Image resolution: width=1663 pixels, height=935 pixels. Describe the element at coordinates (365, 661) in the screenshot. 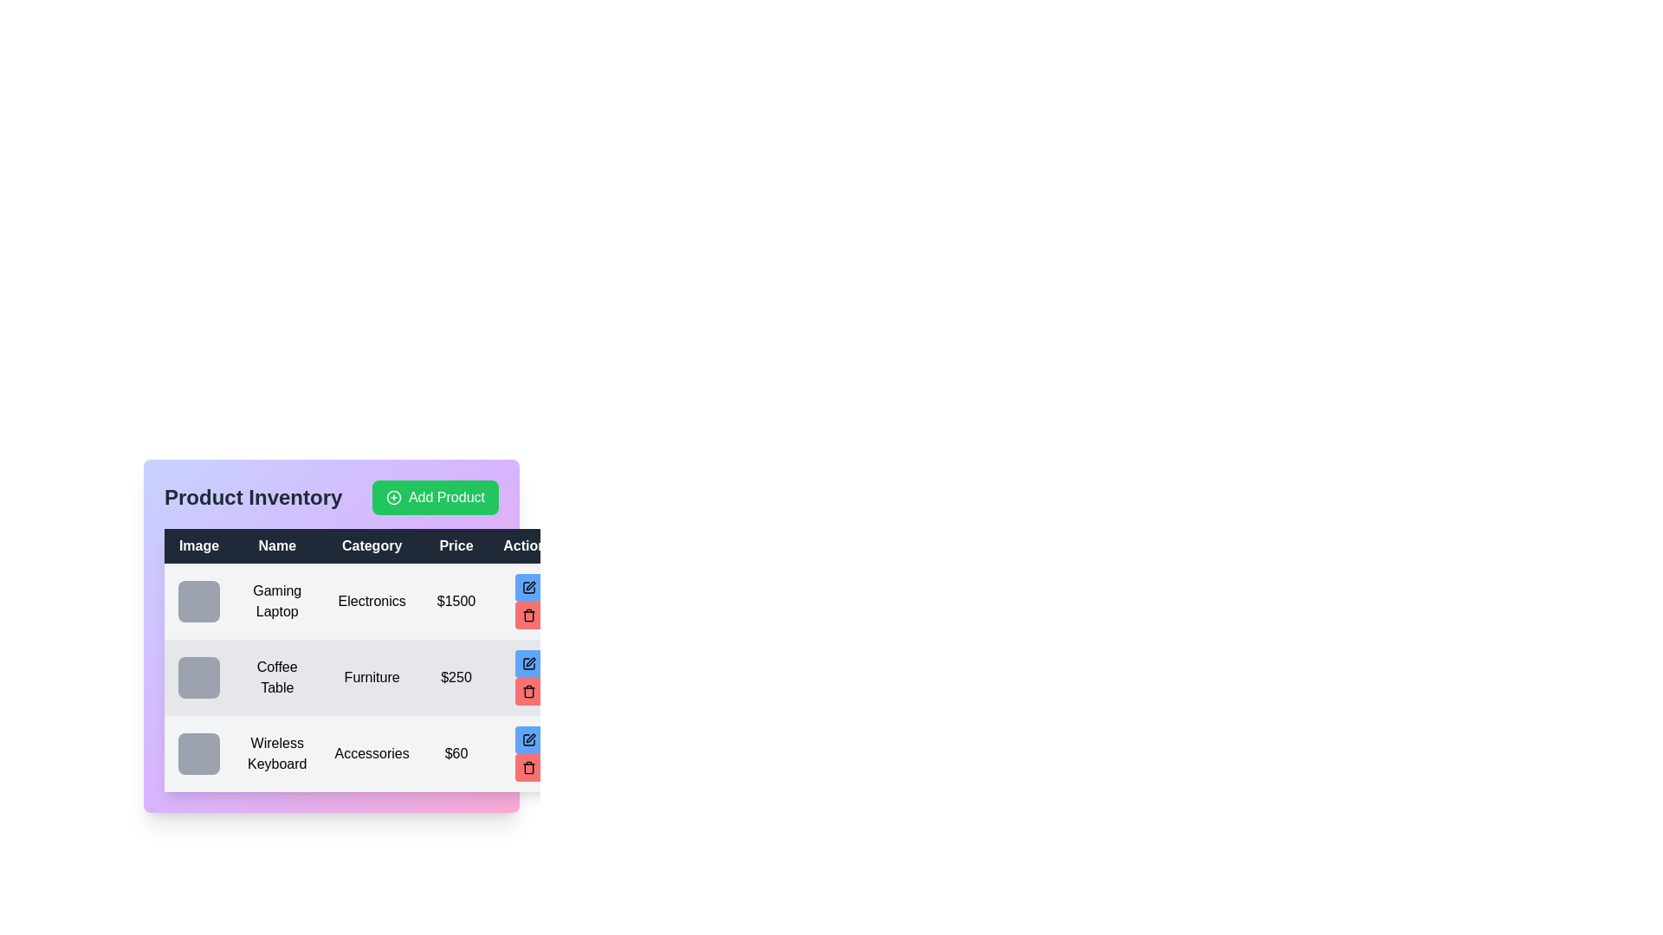

I see `the product inventory table` at that location.